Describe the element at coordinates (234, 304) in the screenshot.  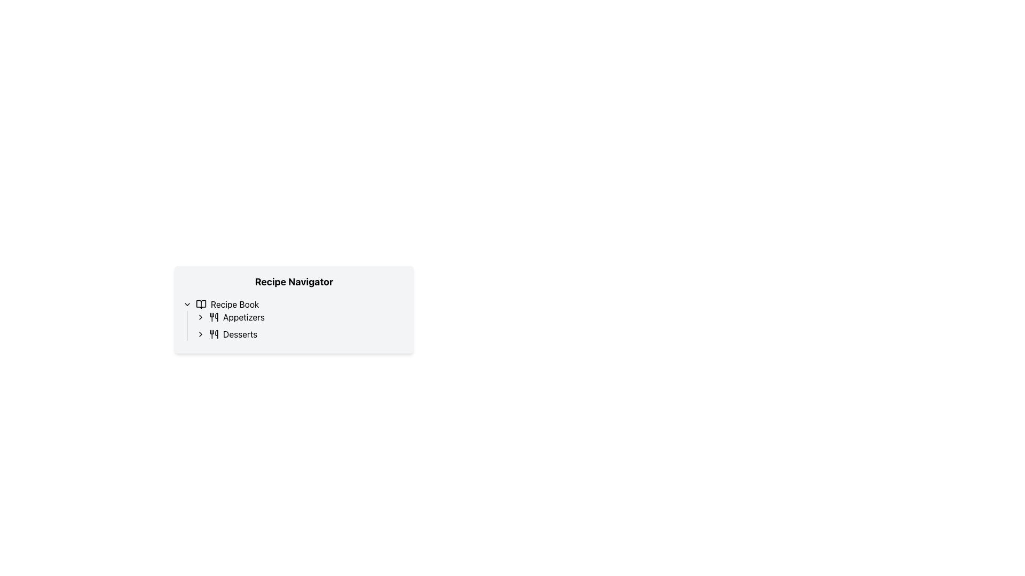
I see `the 'Recipe Book' text label located in the vertical navigation panel labeled 'Recipe Navigator', which is the first item in the list and positioned adjacent to a book icon` at that location.